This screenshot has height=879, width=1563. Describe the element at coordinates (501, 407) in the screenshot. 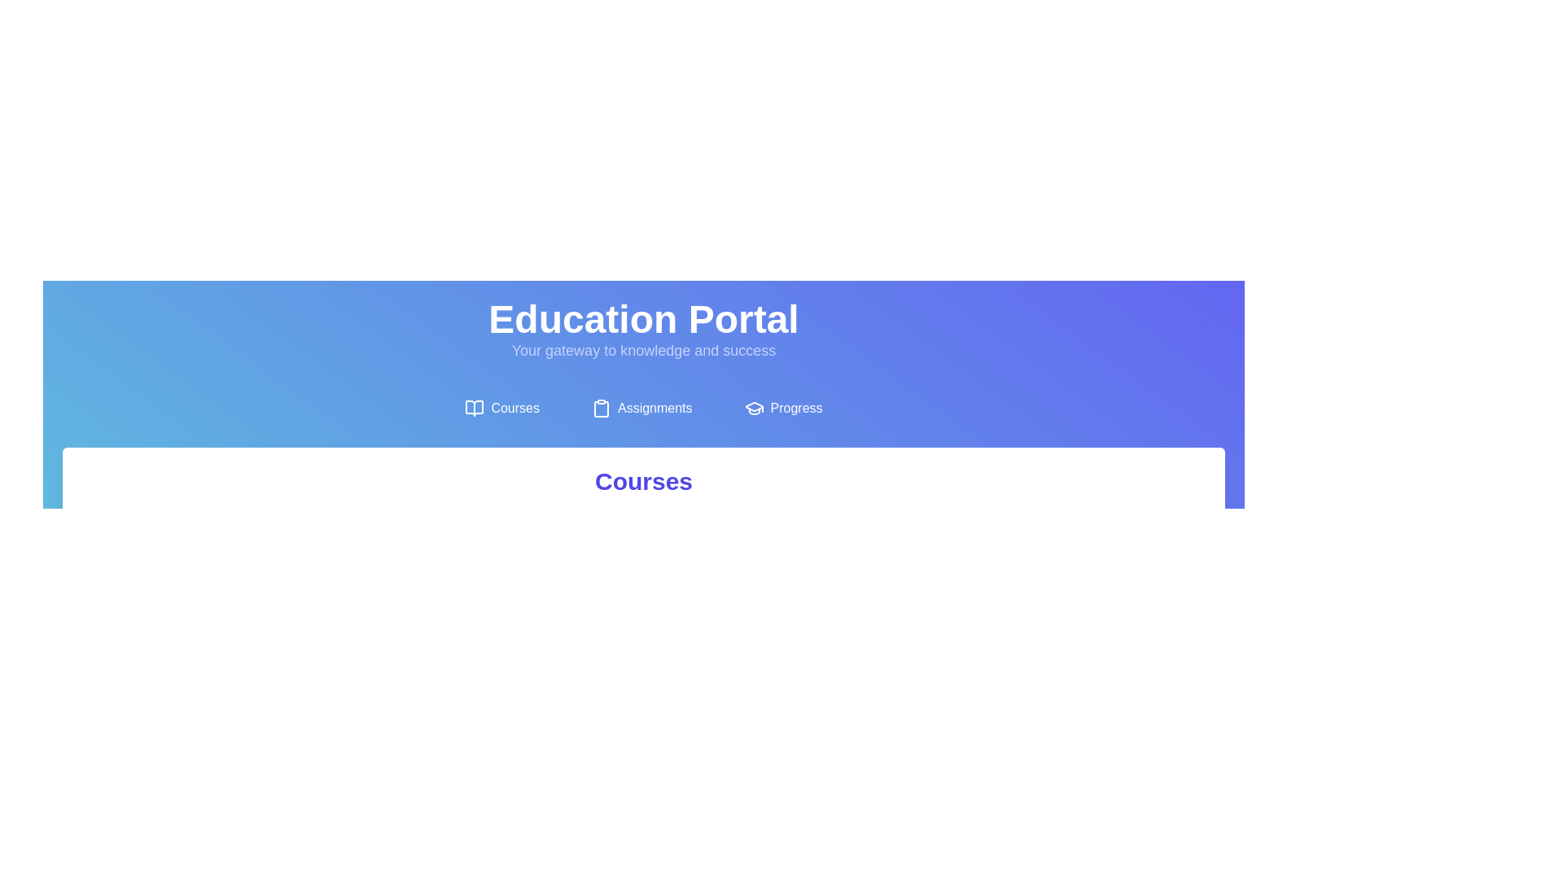

I see `the Courses tab to view its content` at that location.